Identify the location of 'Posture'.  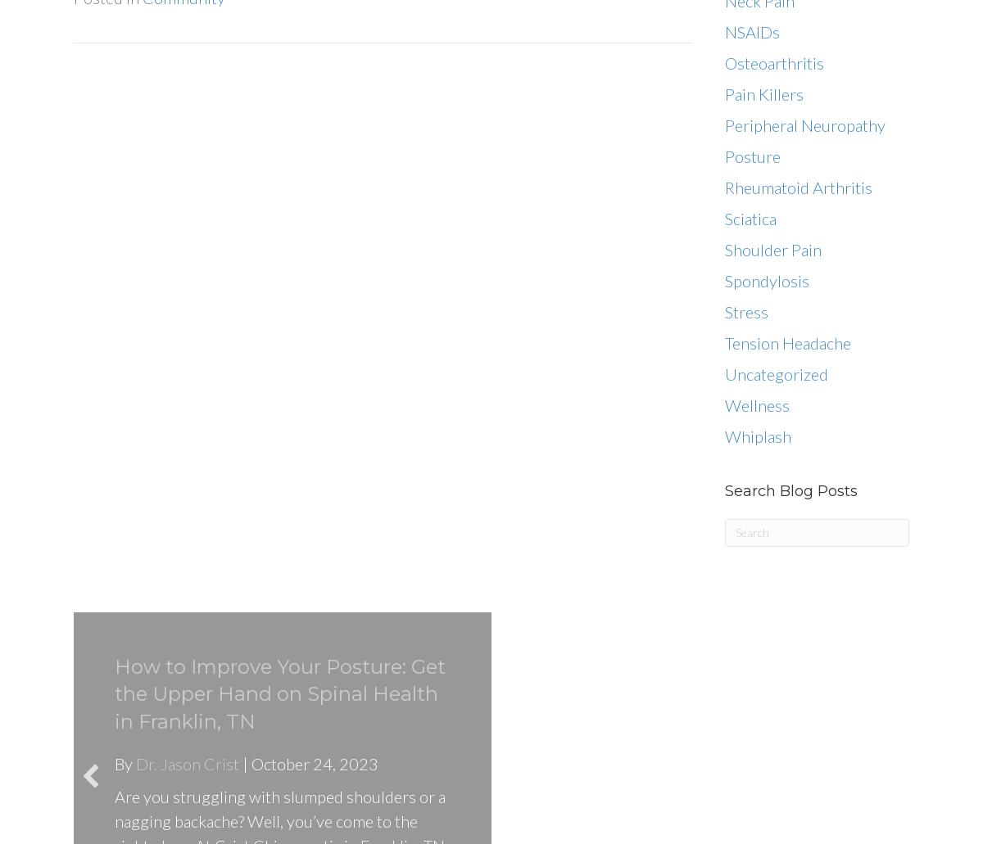
(752, 156).